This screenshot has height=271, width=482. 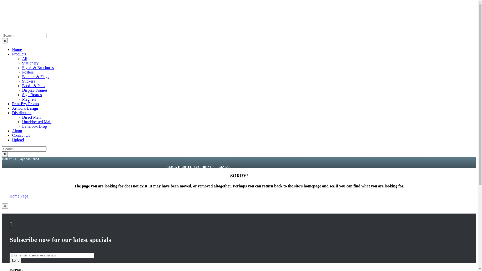 What do you see at coordinates (31, 117) in the screenshot?
I see `'Direct Mail'` at bounding box center [31, 117].